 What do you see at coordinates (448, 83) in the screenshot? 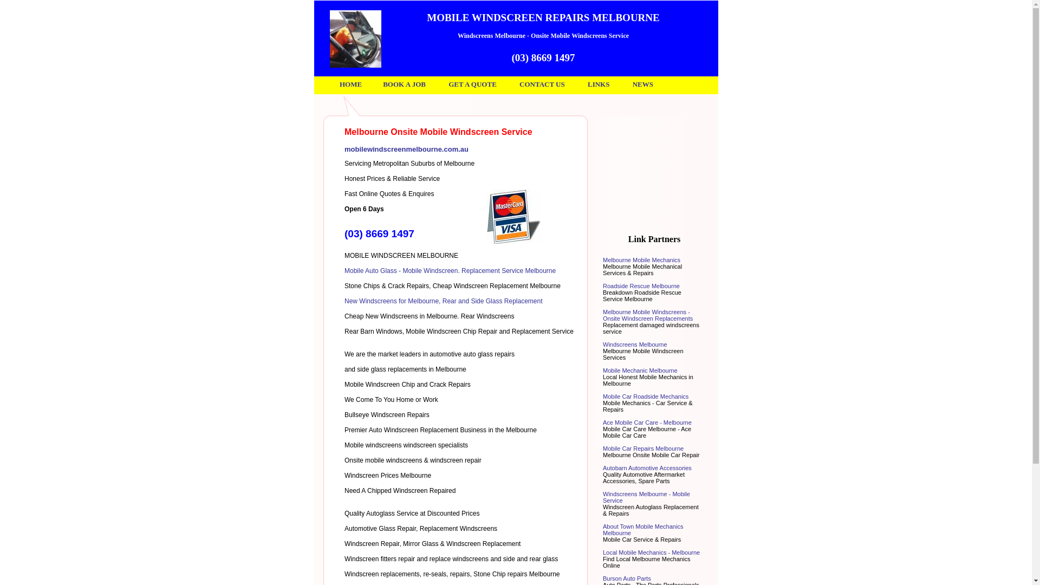
I see `'GET A QUOTE'` at bounding box center [448, 83].